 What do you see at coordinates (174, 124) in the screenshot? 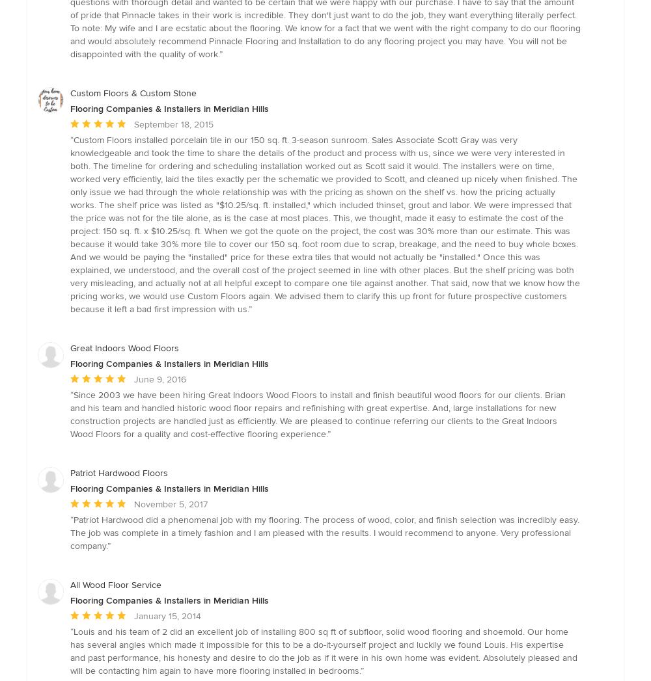
I see `'September 18, 2015'` at bounding box center [174, 124].